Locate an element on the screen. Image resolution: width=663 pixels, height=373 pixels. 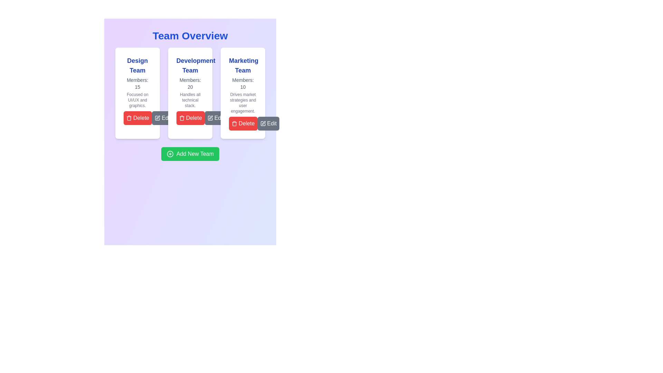
the edit action icon located is located at coordinates (157, 118).